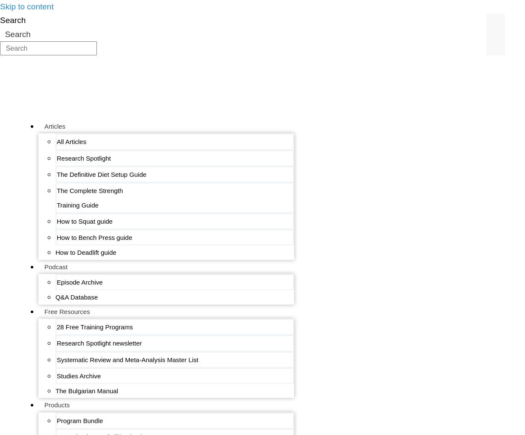  I want to click on 'The Definitive Diet Setup Guide', so click(56, 173).